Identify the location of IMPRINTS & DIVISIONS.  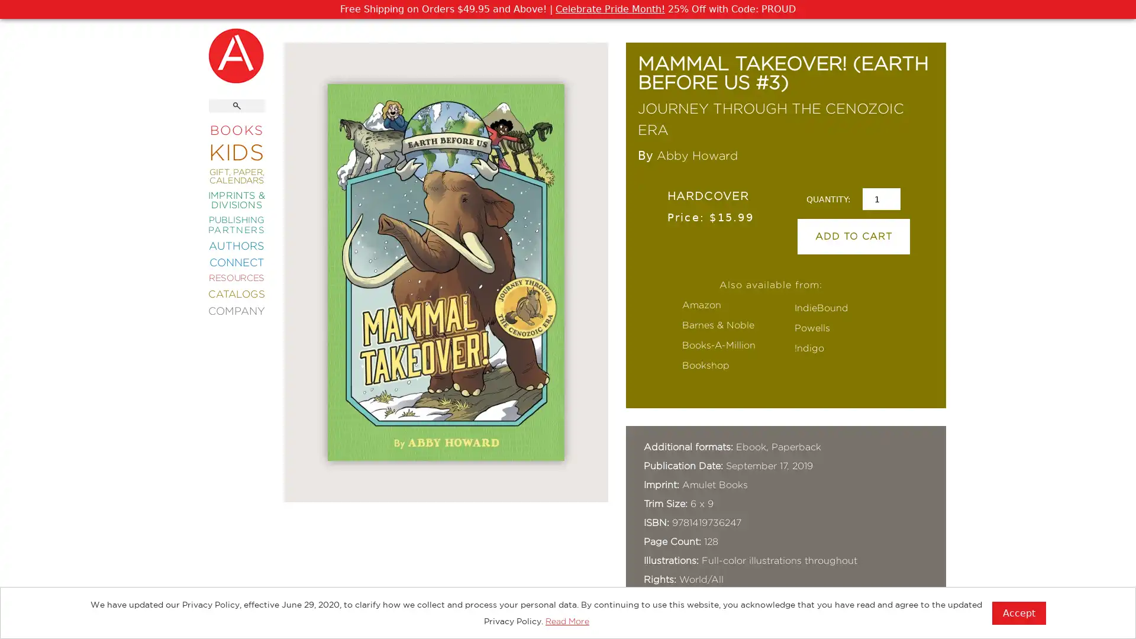
(236, 199).